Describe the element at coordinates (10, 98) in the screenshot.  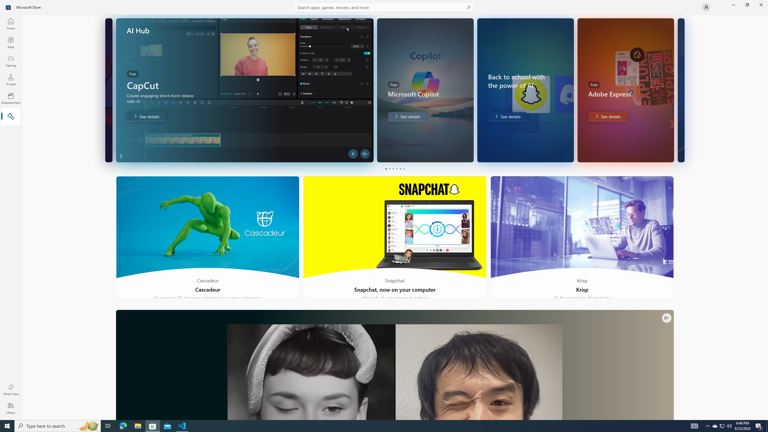
I see `'Entertainment'` at that location.